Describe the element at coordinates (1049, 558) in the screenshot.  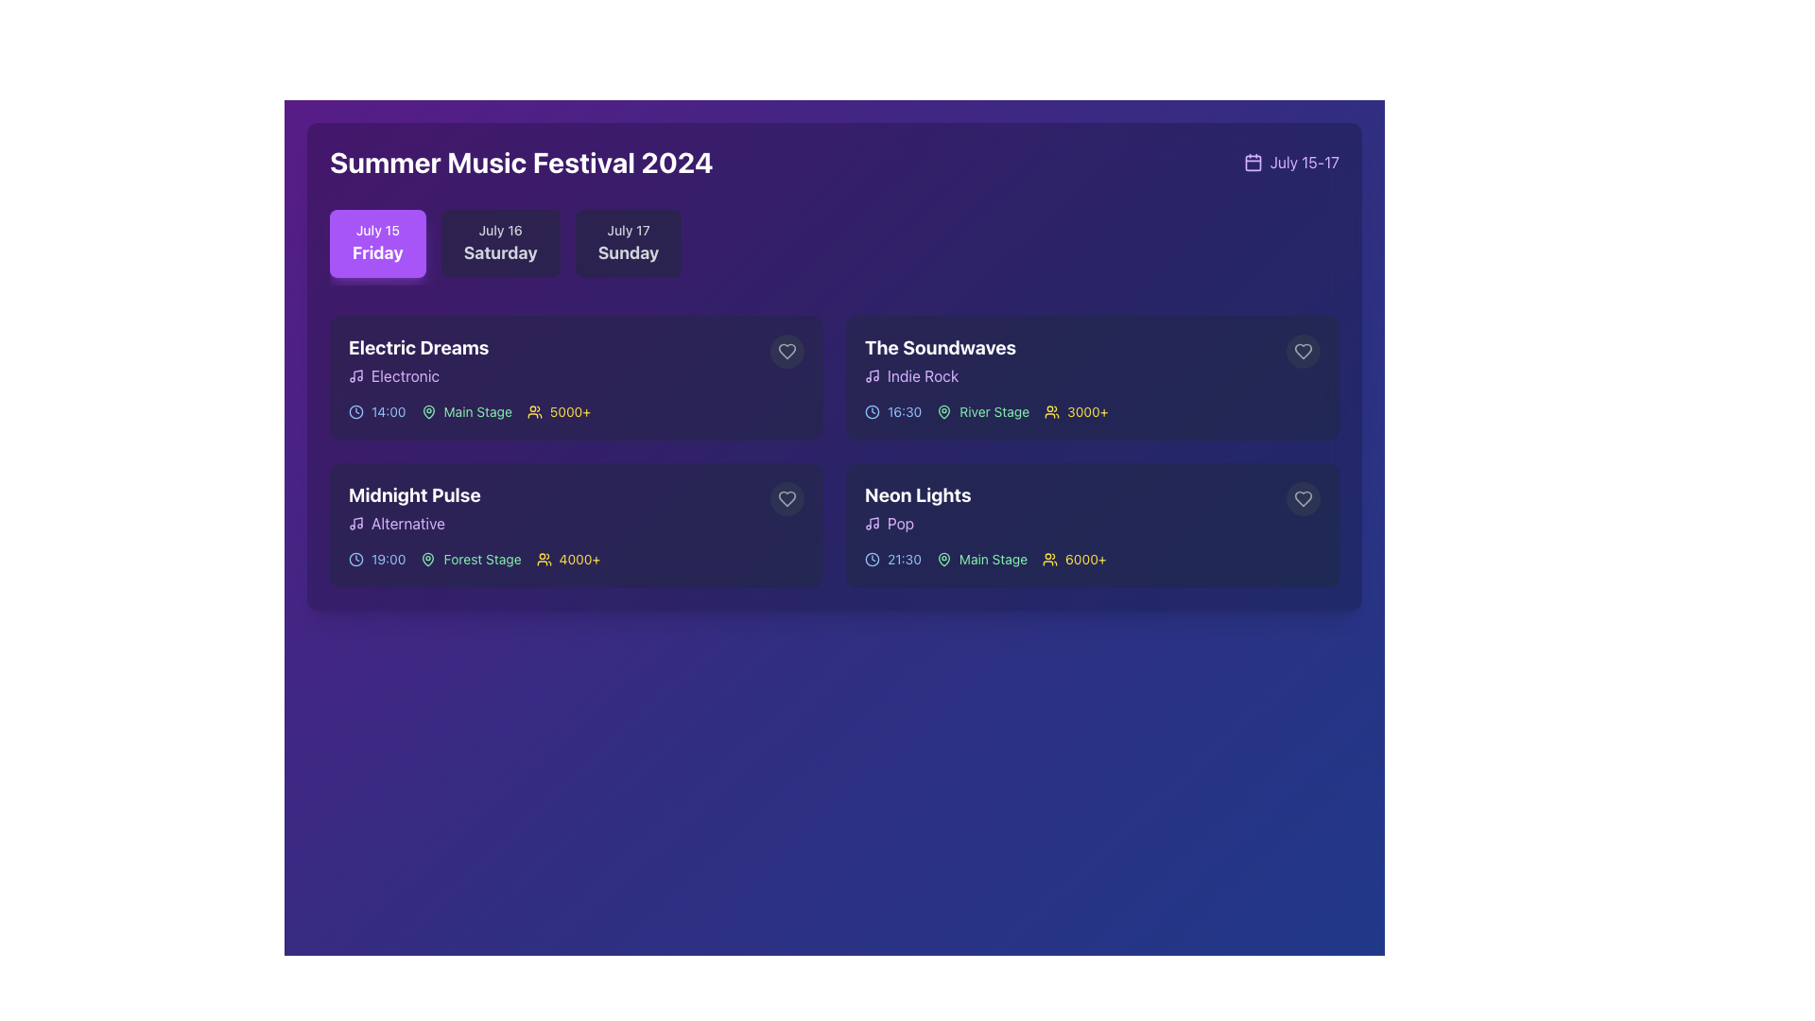
I see `the icon representing a group of individuals located within the 'Neon Lights' card, immediately to the left of the text '6000+'` at that location.